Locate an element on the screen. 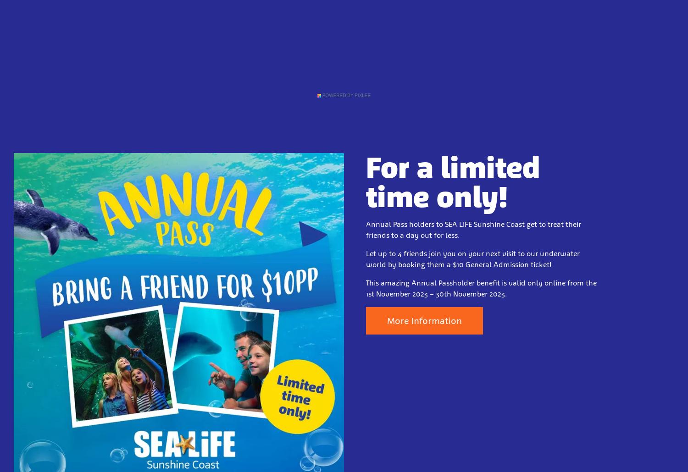  'Opening Hours' is located at coordinates (252, 66).